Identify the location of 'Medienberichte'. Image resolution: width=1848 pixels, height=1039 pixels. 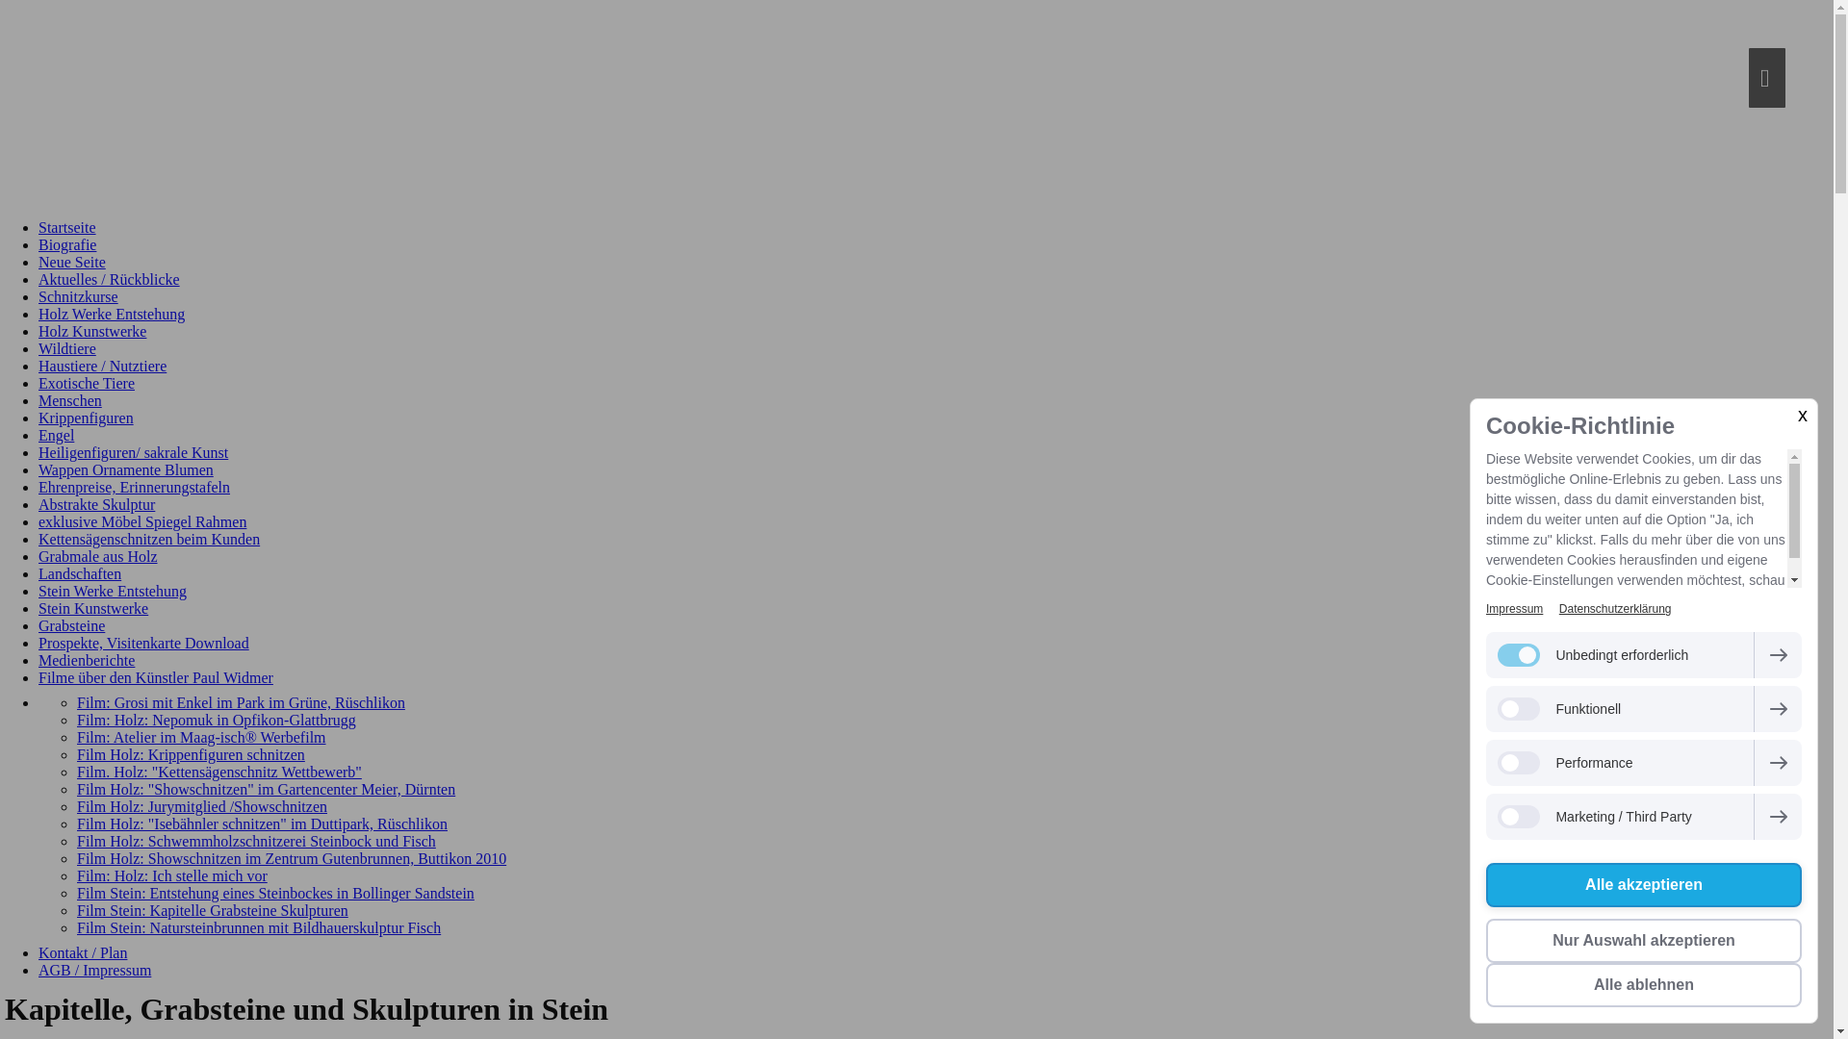
(38, 659).